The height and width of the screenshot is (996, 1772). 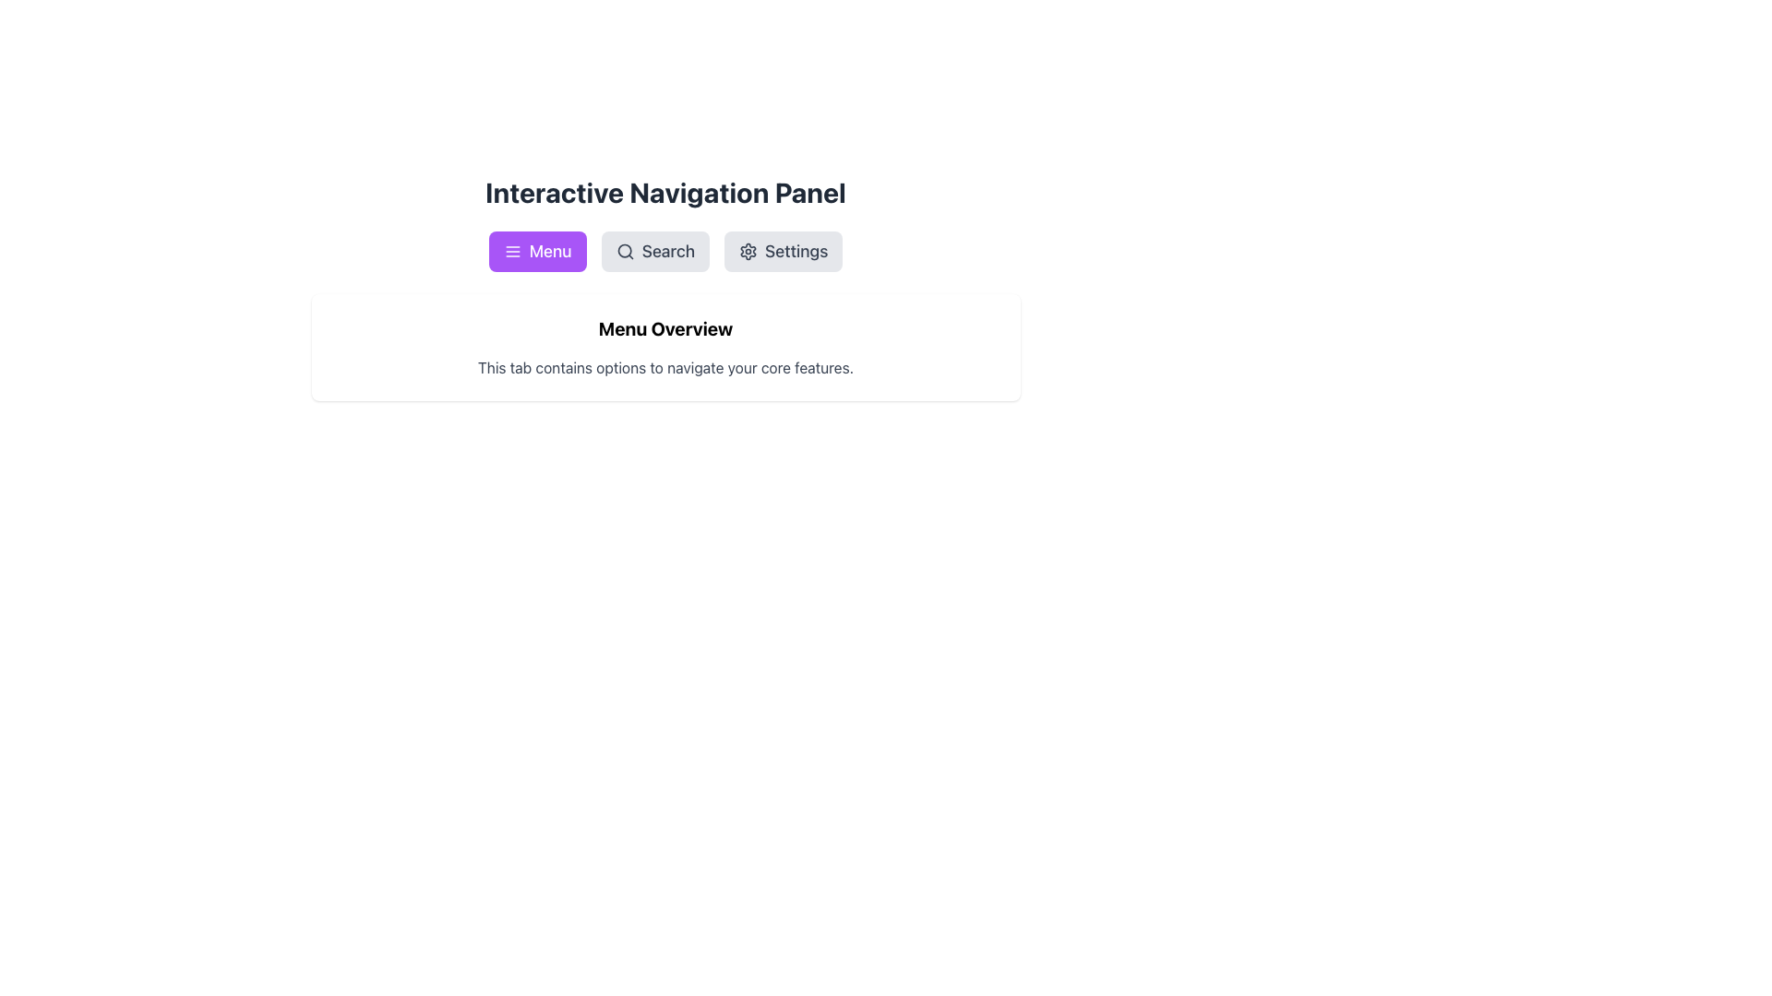 I want to click on the gear icon representing the settings option, which is located inside the button labeled 'Settings' on the rightmost side of the horizontal menu bar, so click(x=748, y=252).